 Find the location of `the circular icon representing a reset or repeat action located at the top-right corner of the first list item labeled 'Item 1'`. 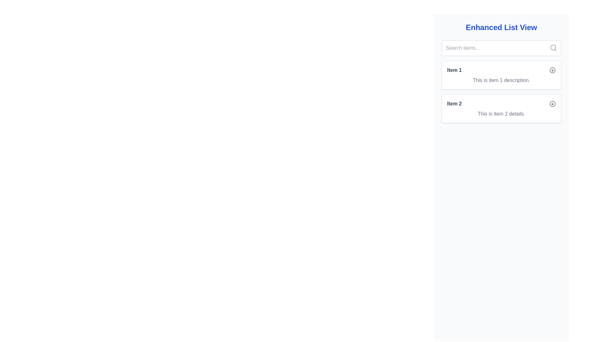

the circular icon representing a reset or repeat action located at the top-right corner of the first list item labeled 'Item 1' is located at coordinates (552, 70).